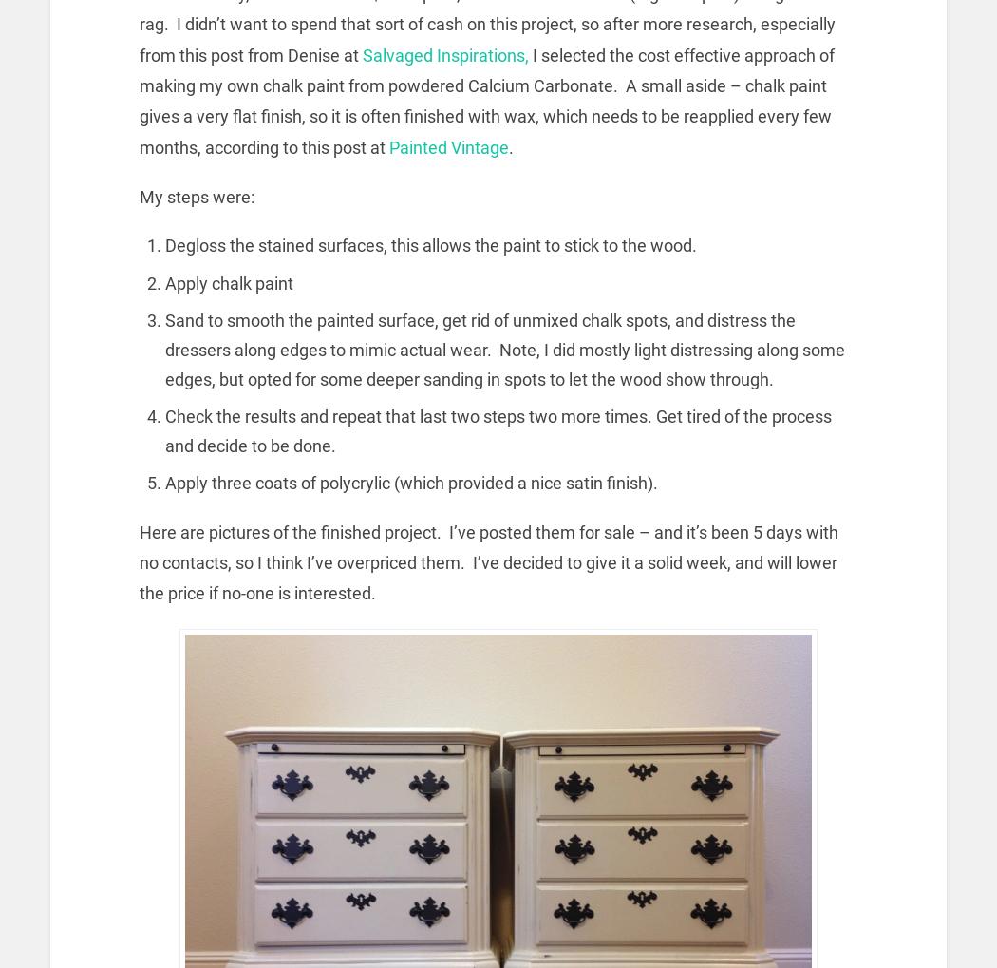 The width and height of the screenshot is (997, 968). I want to click on 'Apply chalk paint', so click(229, 281).